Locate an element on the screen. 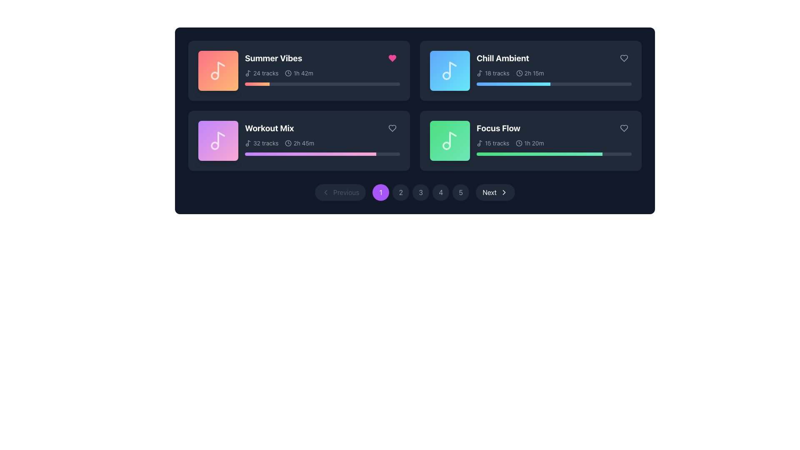 The image size is (800, 450). the Decorative SVG circle that is part of the musical note icon located at the top-right corner of the 'Chill Ambient' card is located at coordinates (446, 75).